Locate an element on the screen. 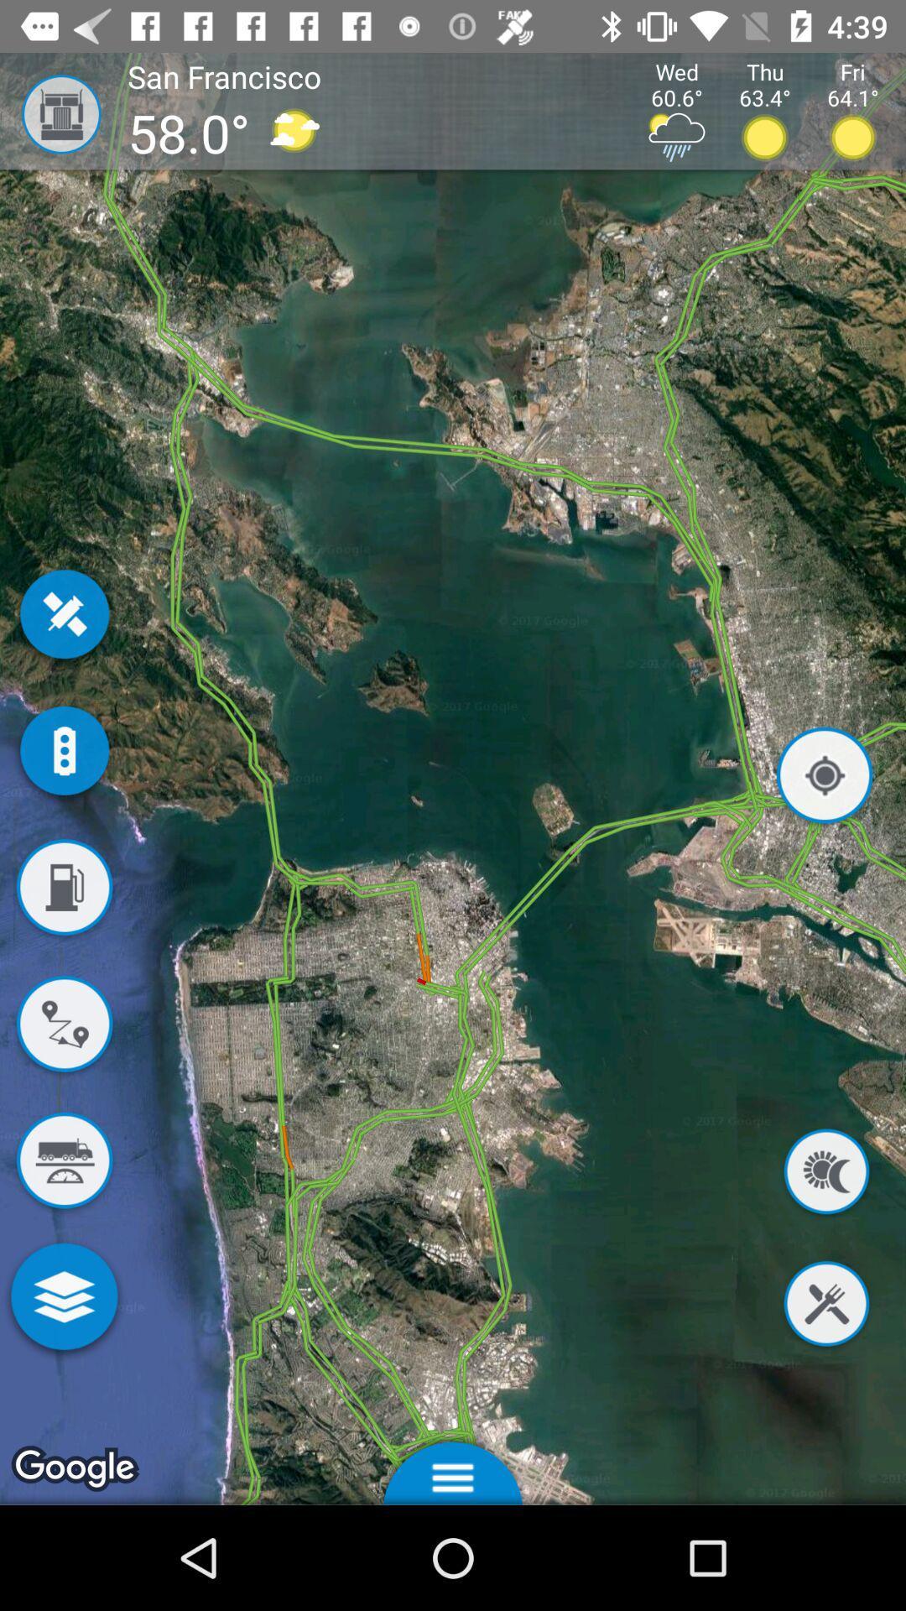 Image resolution: width=906 pixels, height=1611 pixels. find gas stations is located at coordinates (63, 889).